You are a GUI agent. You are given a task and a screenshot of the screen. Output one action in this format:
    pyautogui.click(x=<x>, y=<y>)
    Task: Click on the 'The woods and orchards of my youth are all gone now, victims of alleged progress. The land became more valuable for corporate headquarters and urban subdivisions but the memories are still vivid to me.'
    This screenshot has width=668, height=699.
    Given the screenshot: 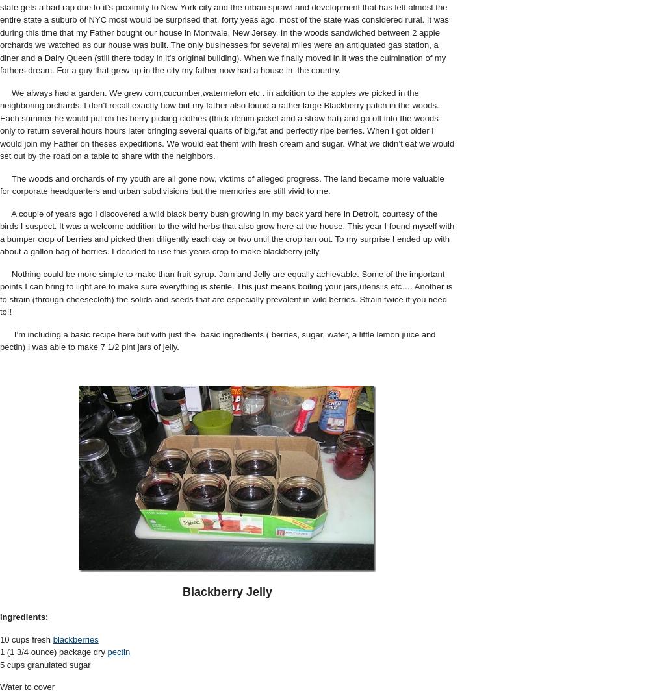 What is the action you would take?
    pyautogui.click(x=0, y=184)
    